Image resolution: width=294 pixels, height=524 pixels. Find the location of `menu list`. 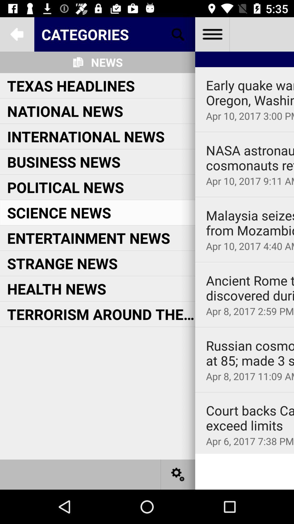

menu list is located at coordinates (212, 34).